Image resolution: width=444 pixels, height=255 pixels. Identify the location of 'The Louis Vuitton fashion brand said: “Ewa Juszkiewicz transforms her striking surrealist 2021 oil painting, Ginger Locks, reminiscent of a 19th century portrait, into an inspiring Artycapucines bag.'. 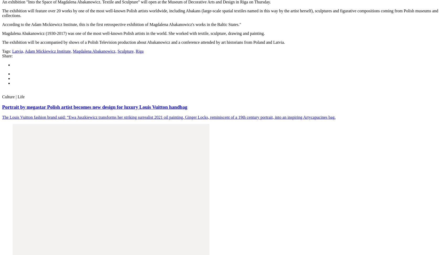
(168, 117).